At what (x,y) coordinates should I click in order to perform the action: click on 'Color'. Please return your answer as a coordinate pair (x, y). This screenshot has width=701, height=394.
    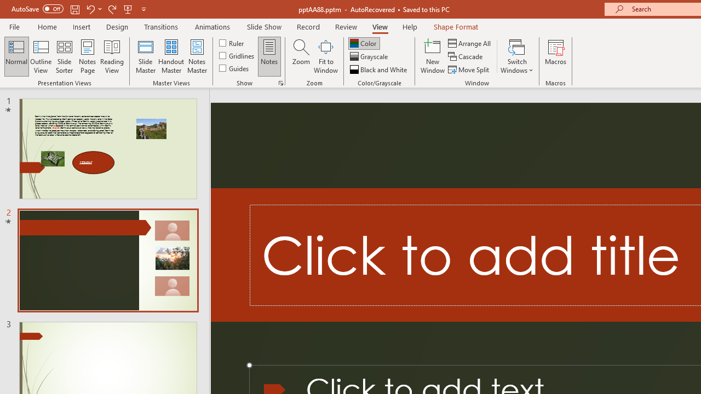
    Looking at the image, I should click on (364, 43).